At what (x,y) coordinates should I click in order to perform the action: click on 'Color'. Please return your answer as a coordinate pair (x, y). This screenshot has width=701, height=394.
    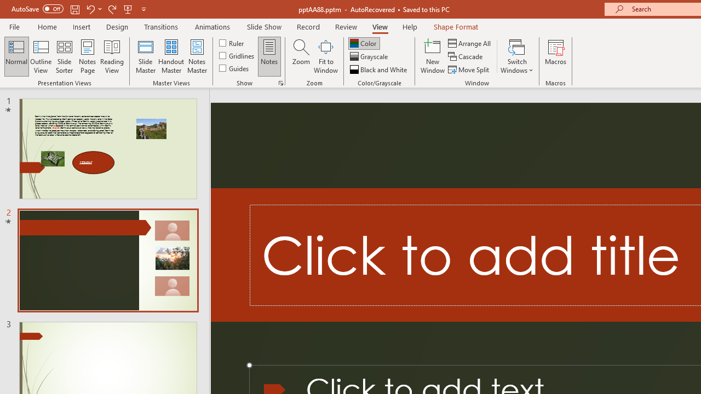
    Looking at the image, I should click on (364, 43).